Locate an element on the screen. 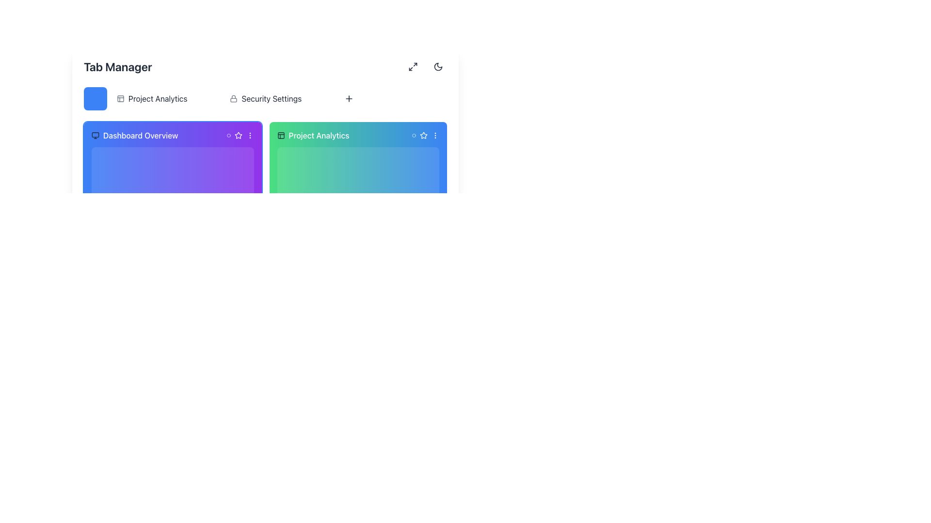  the leftmost square-shaped blue button with rounded corners located beneath the 'Tab Manager' title is located at coordinates (95, 99).